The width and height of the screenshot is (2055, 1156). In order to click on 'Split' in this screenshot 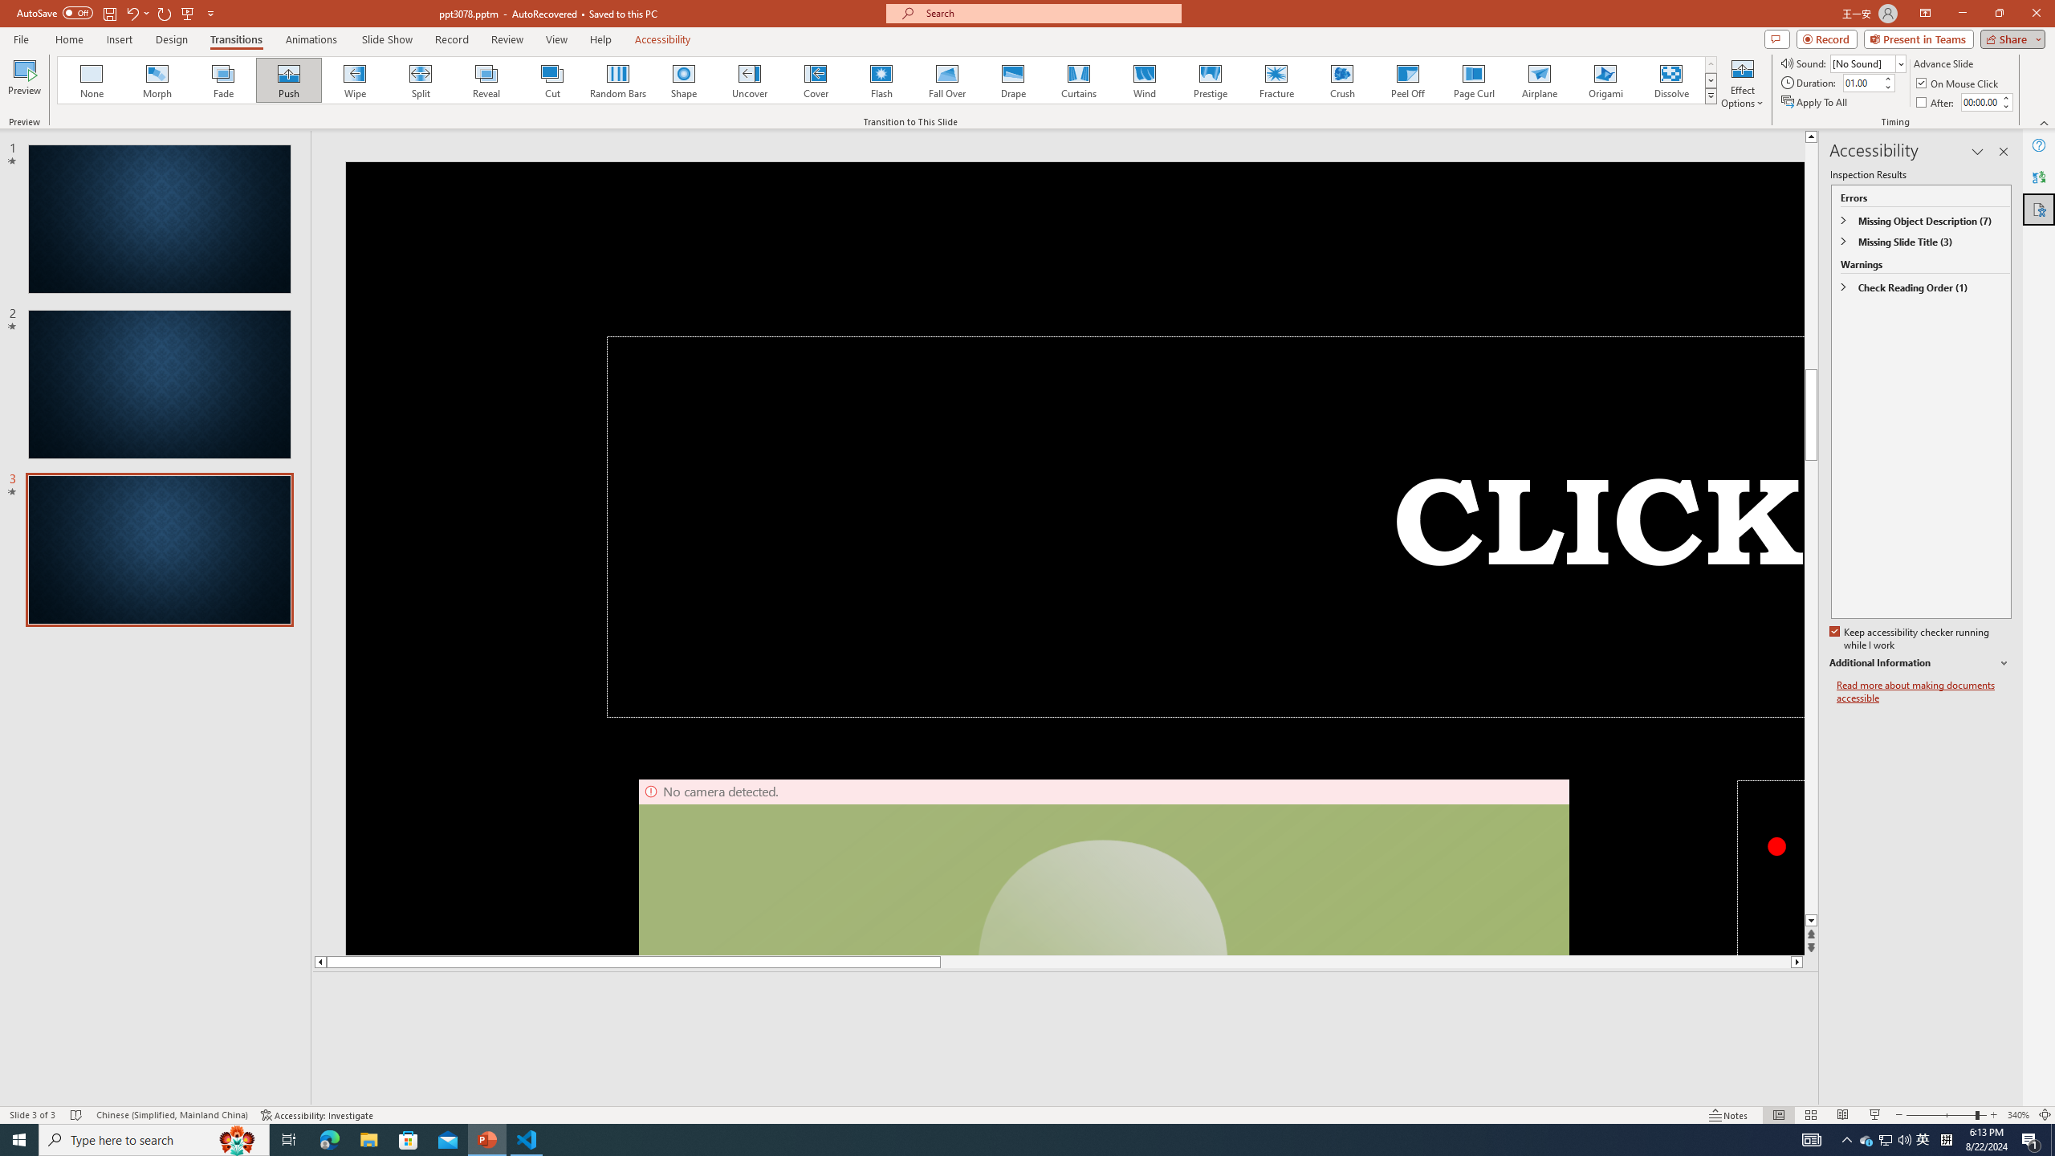, I will do `click(420, 79)`.